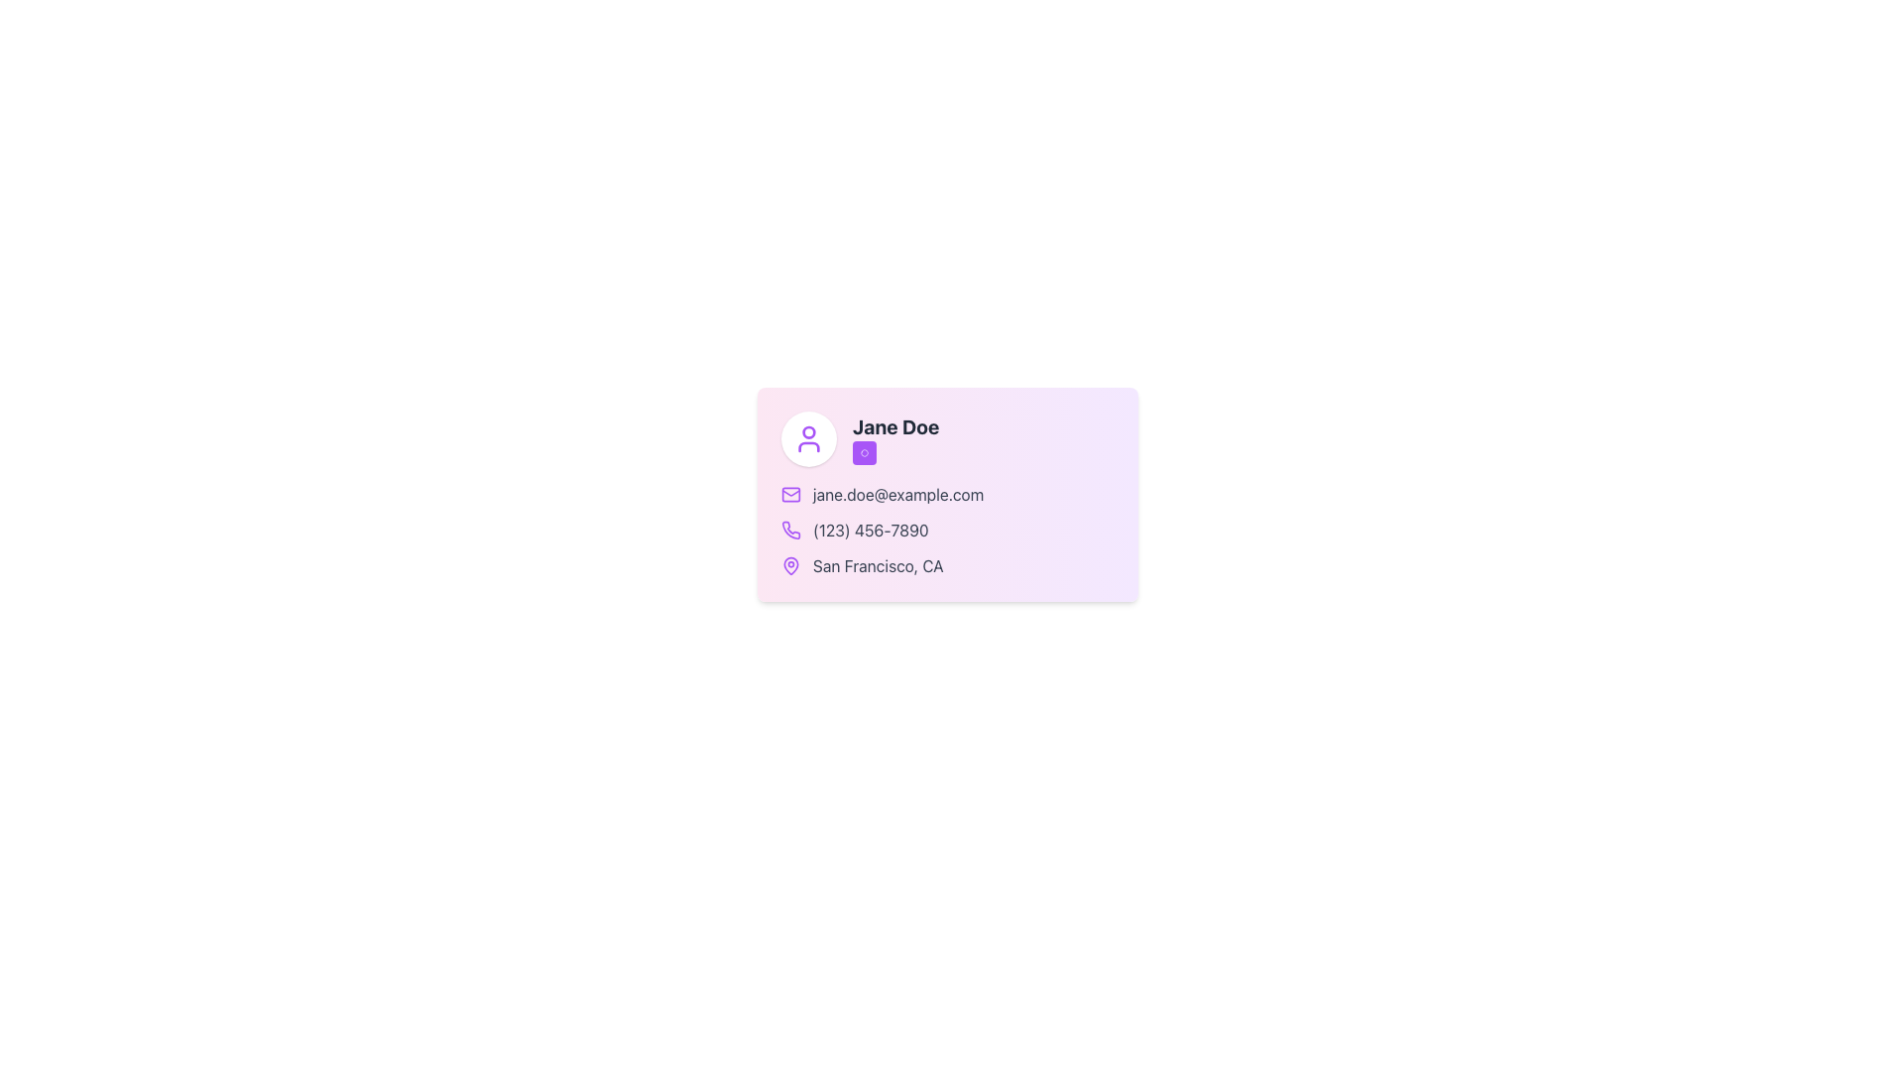  Describe the element at coordinates (789, 530) in the screenshot. I see `the purple phone receiver icon located in the contact information section preceding the phone number '(123) 456-7890'` at that location.